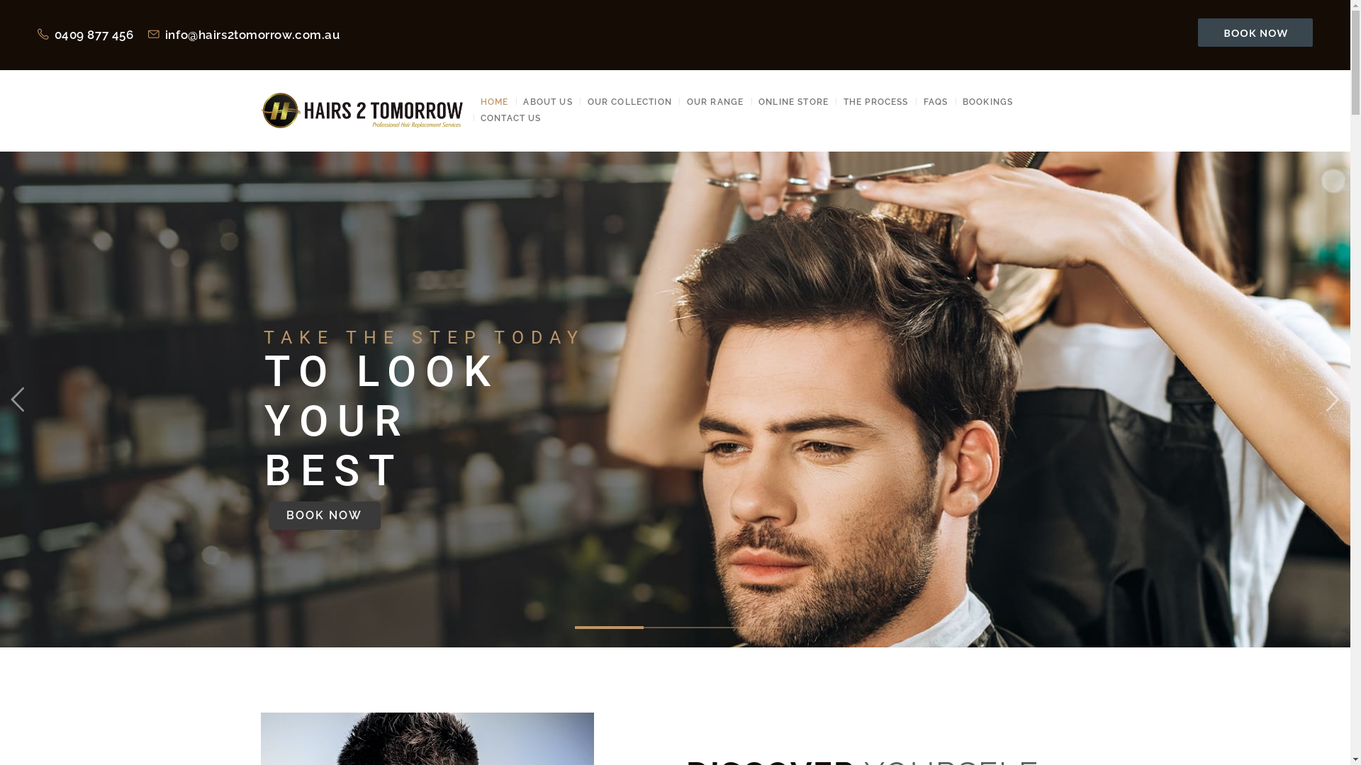 The image size is (1361, 765). I want to click on 'ABOUT US', so click(515, 101).